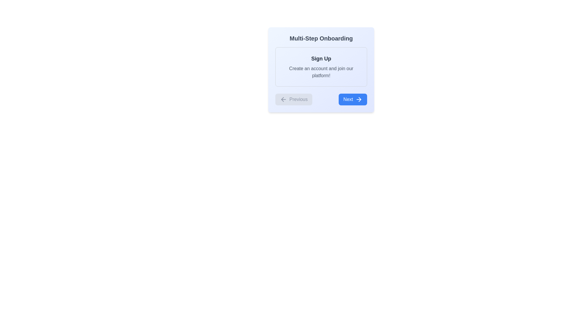 This screenshot has height=317, width=563. I want to click on the 'Previous' or 'Next' button in the button group, so click(321, 99).